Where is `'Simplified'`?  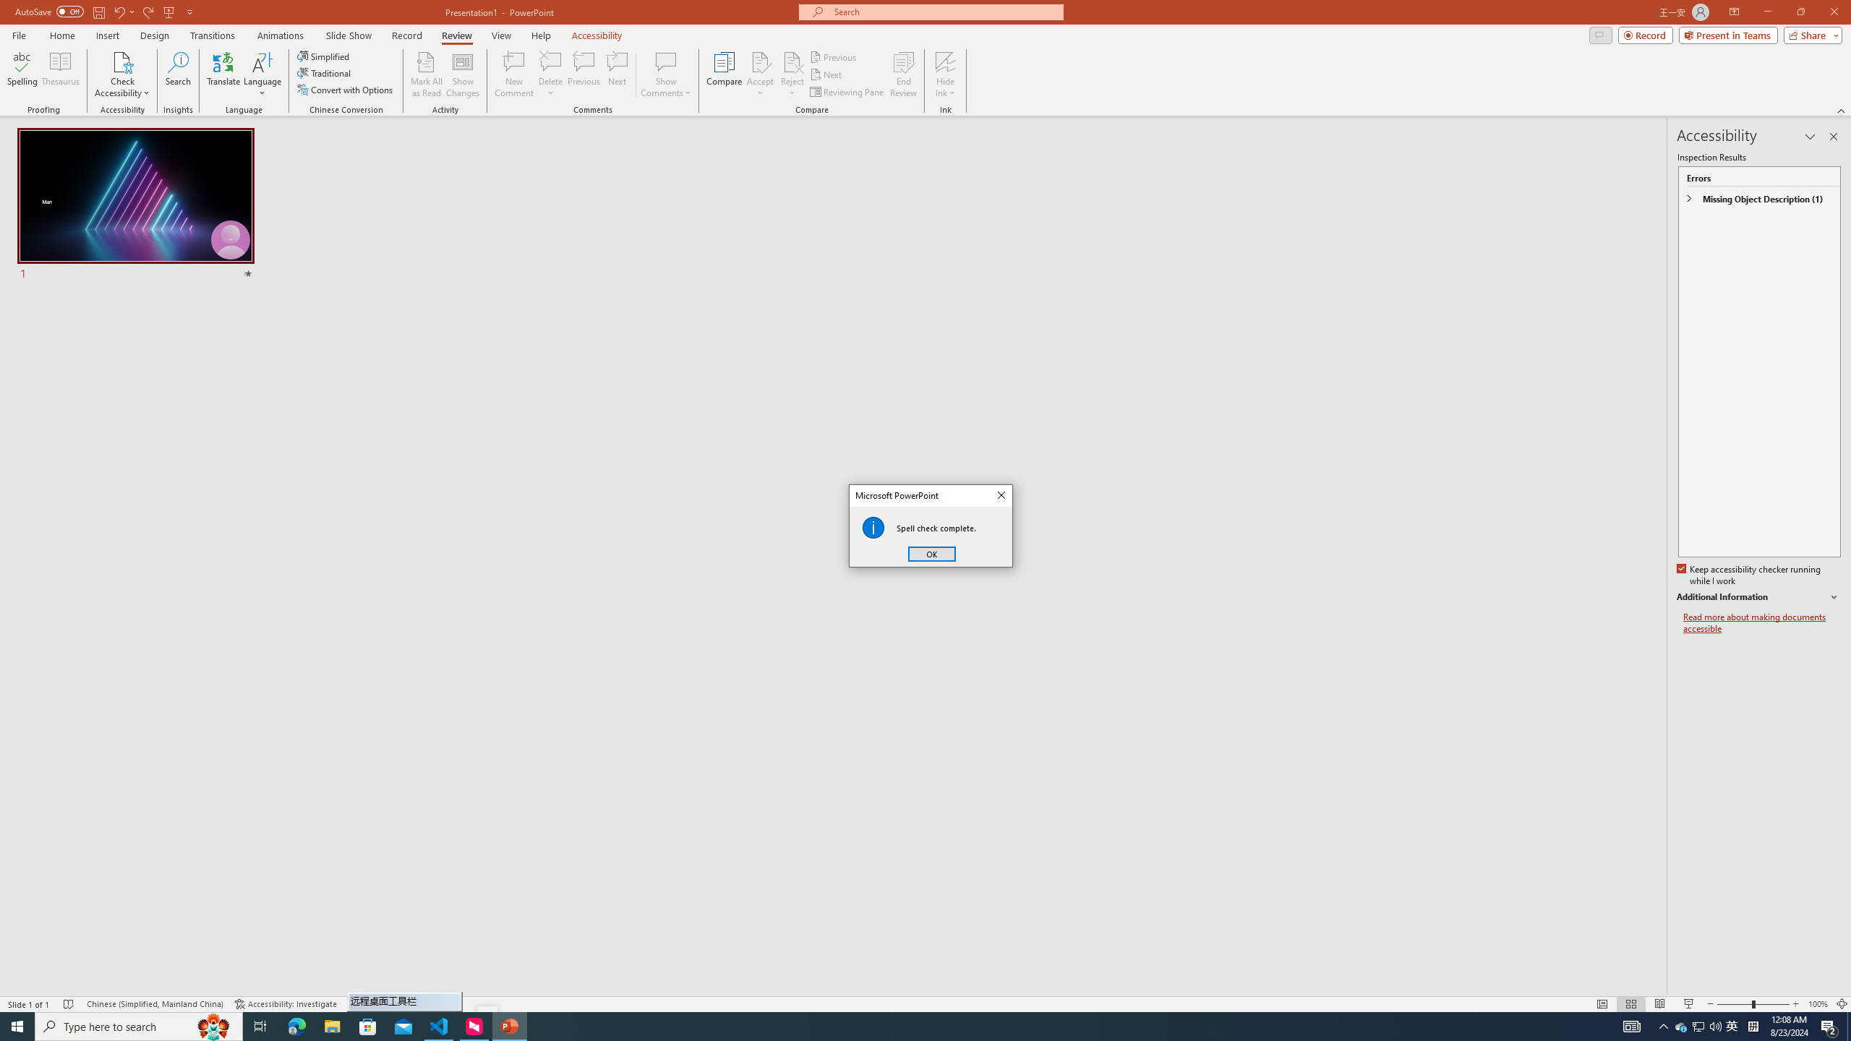
'Simplified' is located at coordinates (324, 56).